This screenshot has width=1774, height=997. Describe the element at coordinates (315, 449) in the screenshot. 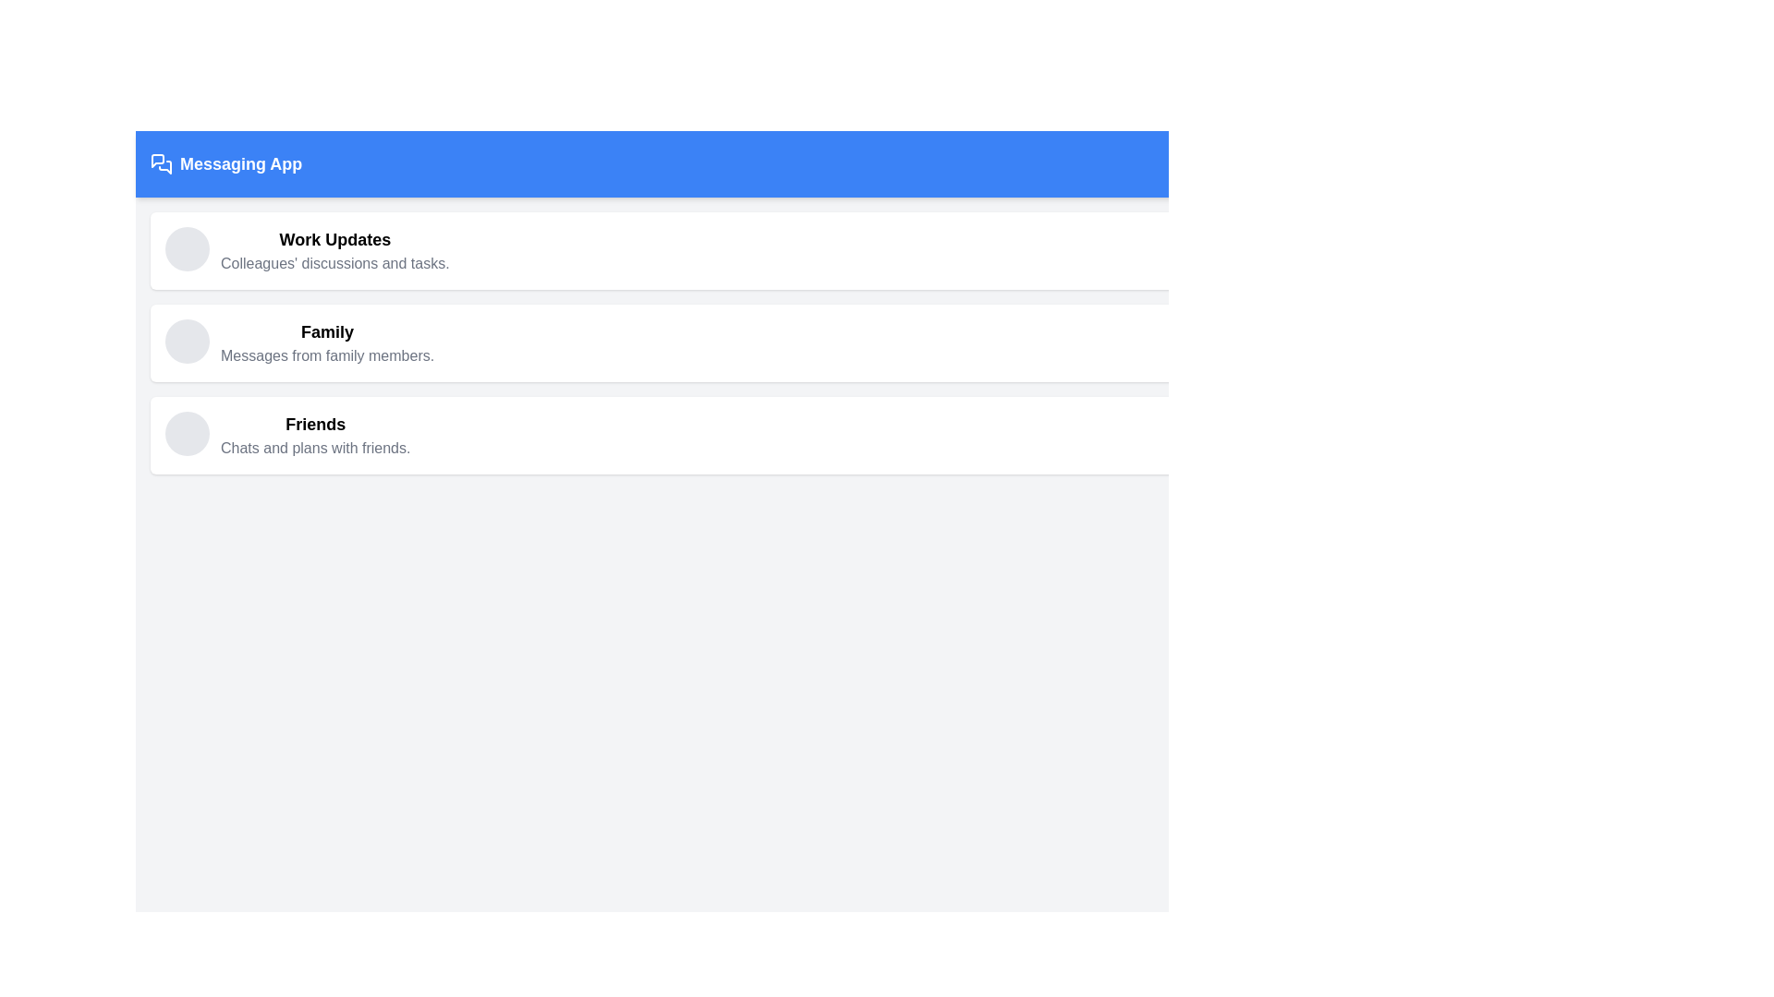

I see `the text element that says 'Chats and plans with friends.', which is located directly under the bold 'Friends' text in the third item of the vertical list under the 'Messaging App' header` at that location.